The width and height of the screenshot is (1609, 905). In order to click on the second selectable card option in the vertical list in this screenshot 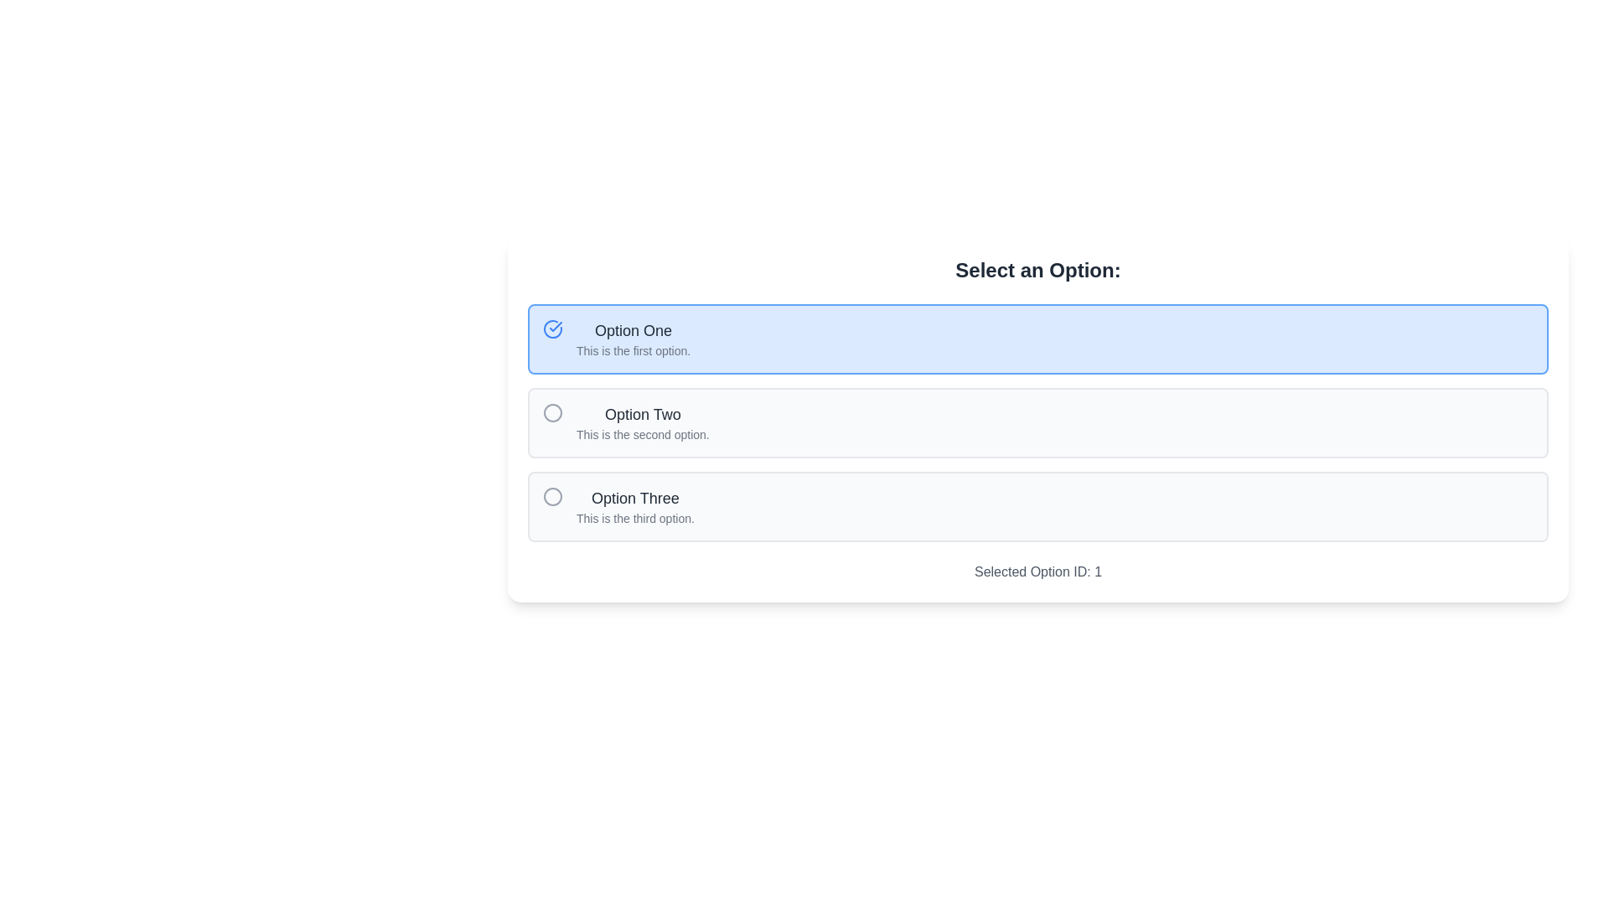, I will do `click(1037, 422)`.